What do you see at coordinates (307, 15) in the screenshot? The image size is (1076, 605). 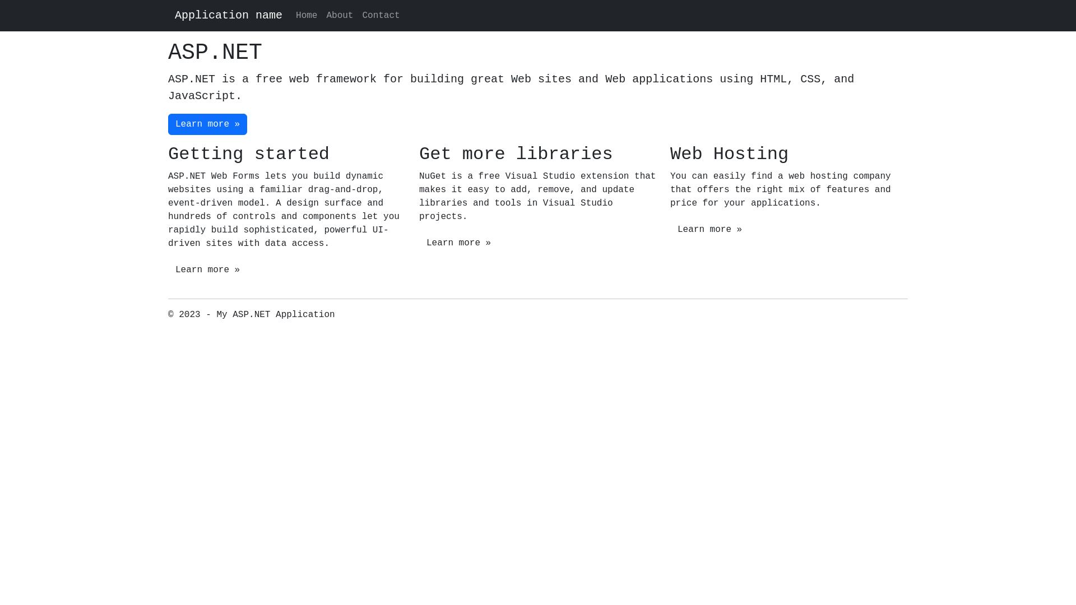 I see `'Home'` at bounding box center [307, 15].